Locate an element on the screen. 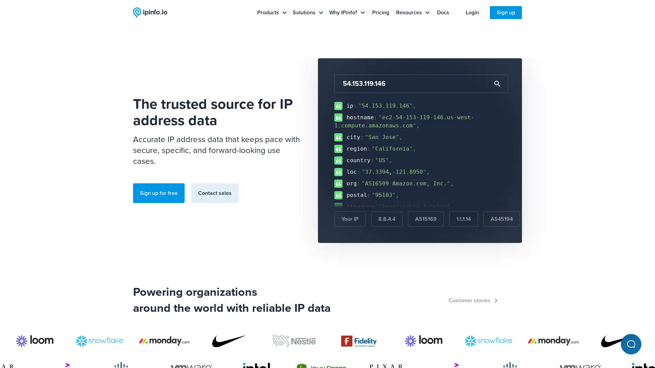 Image resolution: width=655 pixels, height=368 pixels. Resources is located at coordinates (412, 13).